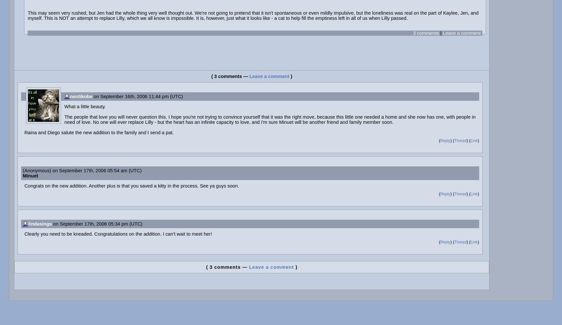 The image size is (562, 325). Describe the element at coordinates (141, 96) in the screenshot. I see `'September 16th, 2006 11:44 pm (UTC)'` at that location.